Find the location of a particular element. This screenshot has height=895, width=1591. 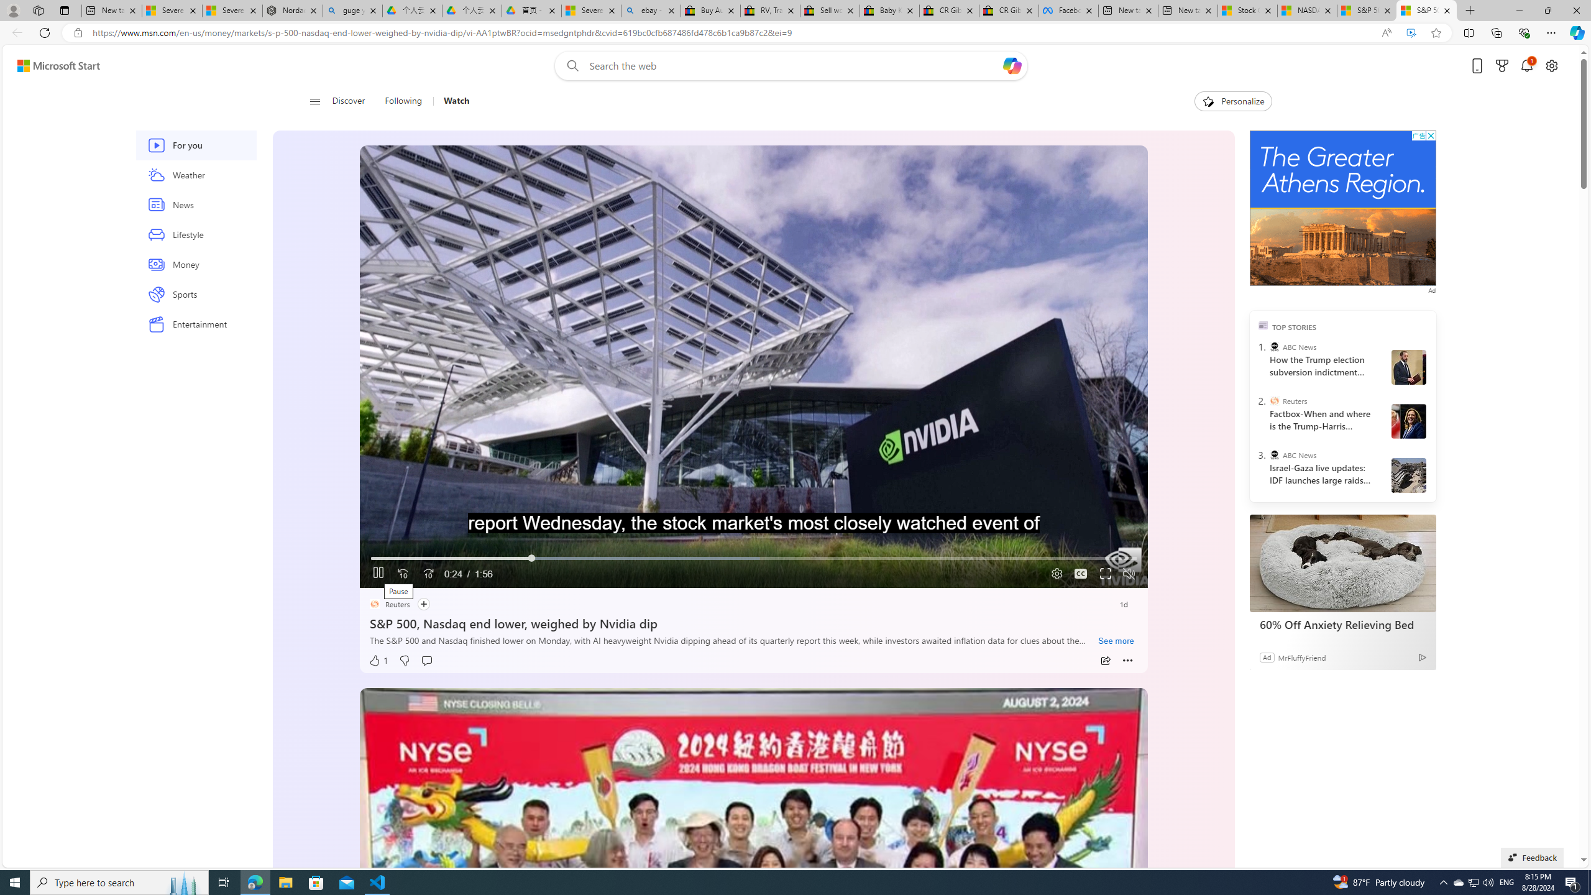

'ABC News' is located at coordinates (1274, 454).